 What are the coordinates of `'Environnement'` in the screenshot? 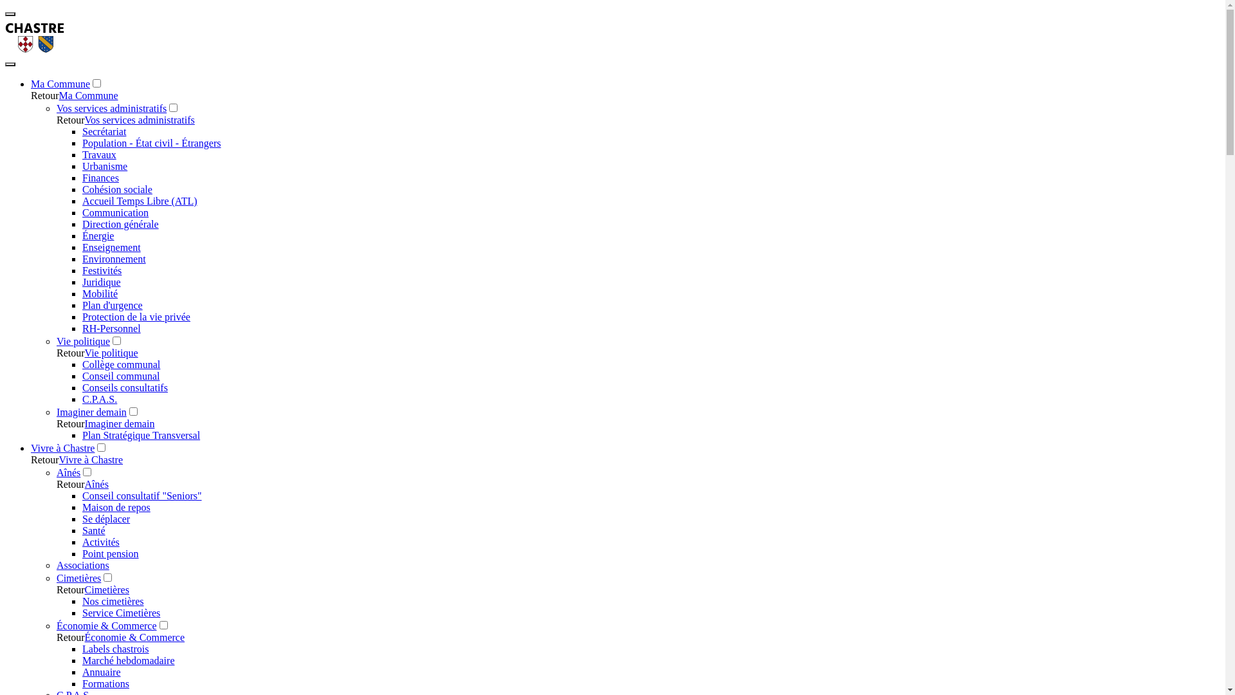 It's located at (82, 259).